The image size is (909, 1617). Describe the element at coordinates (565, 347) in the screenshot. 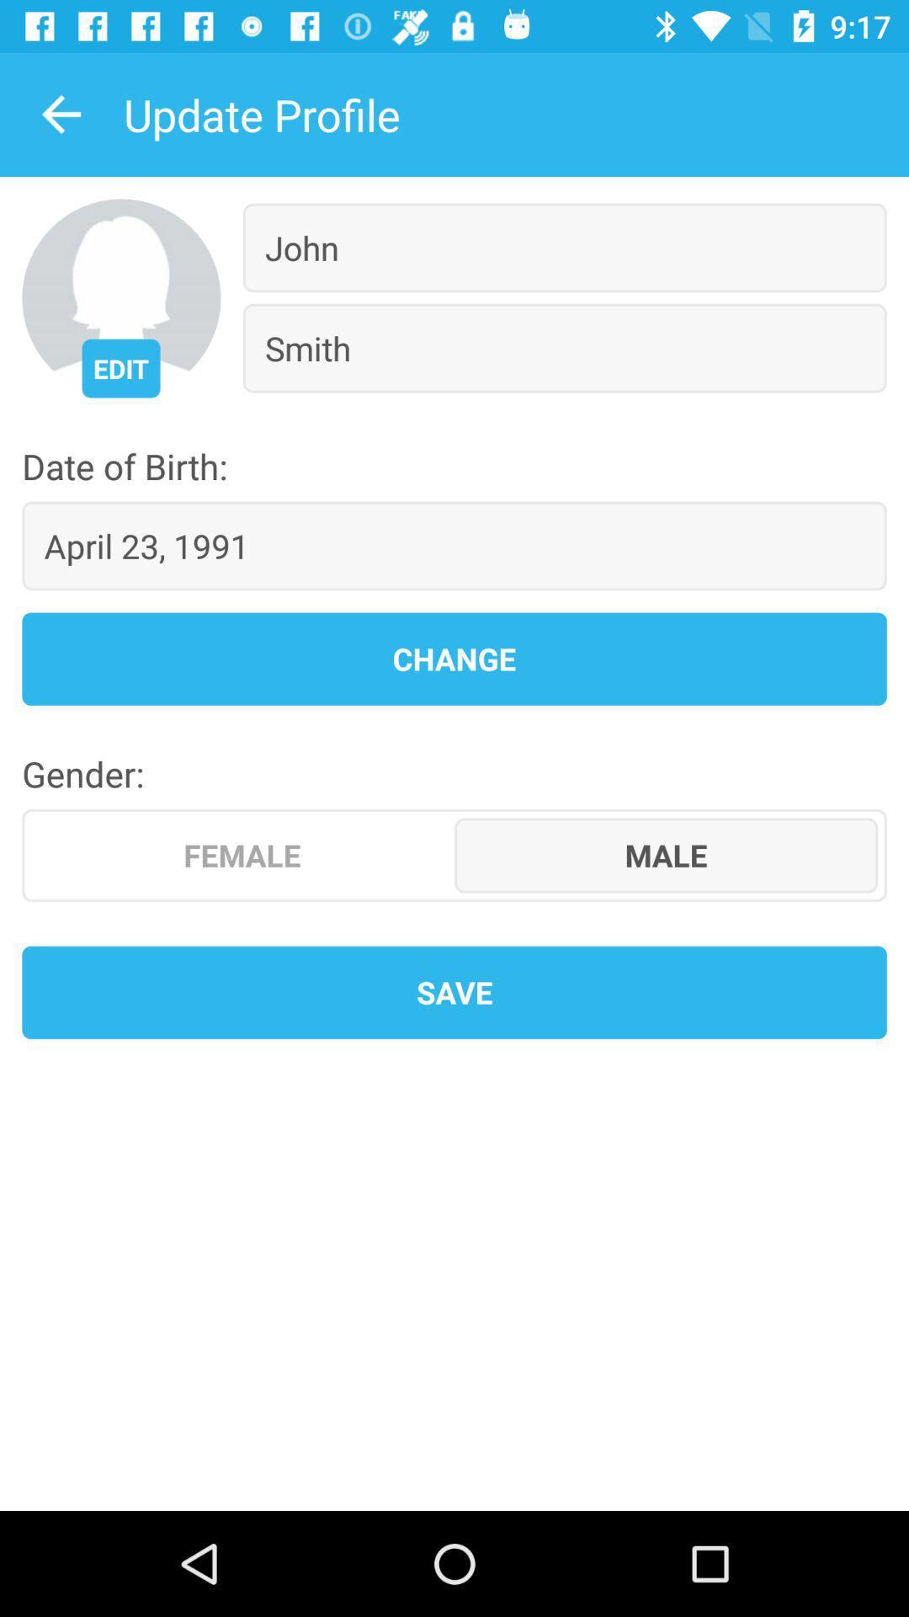

I see `the smith` at that location.